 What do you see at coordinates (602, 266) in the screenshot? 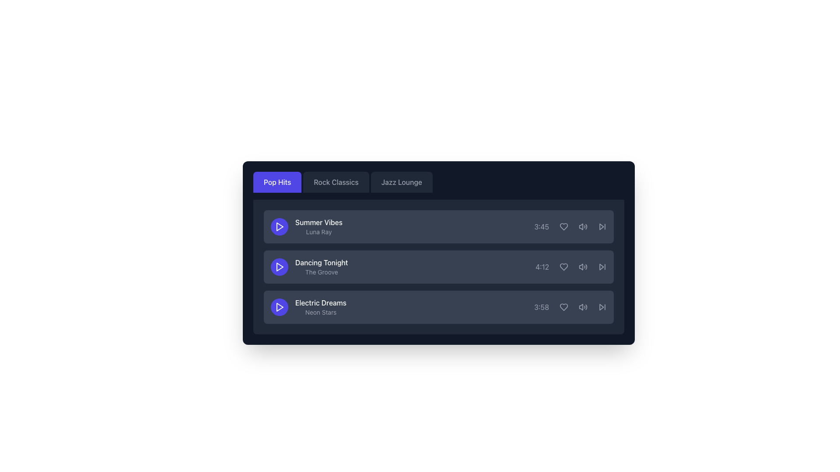
I see `the forward navigation button associated with the second song item 'Dancing Tonight'` at bounding box center [602, 266].